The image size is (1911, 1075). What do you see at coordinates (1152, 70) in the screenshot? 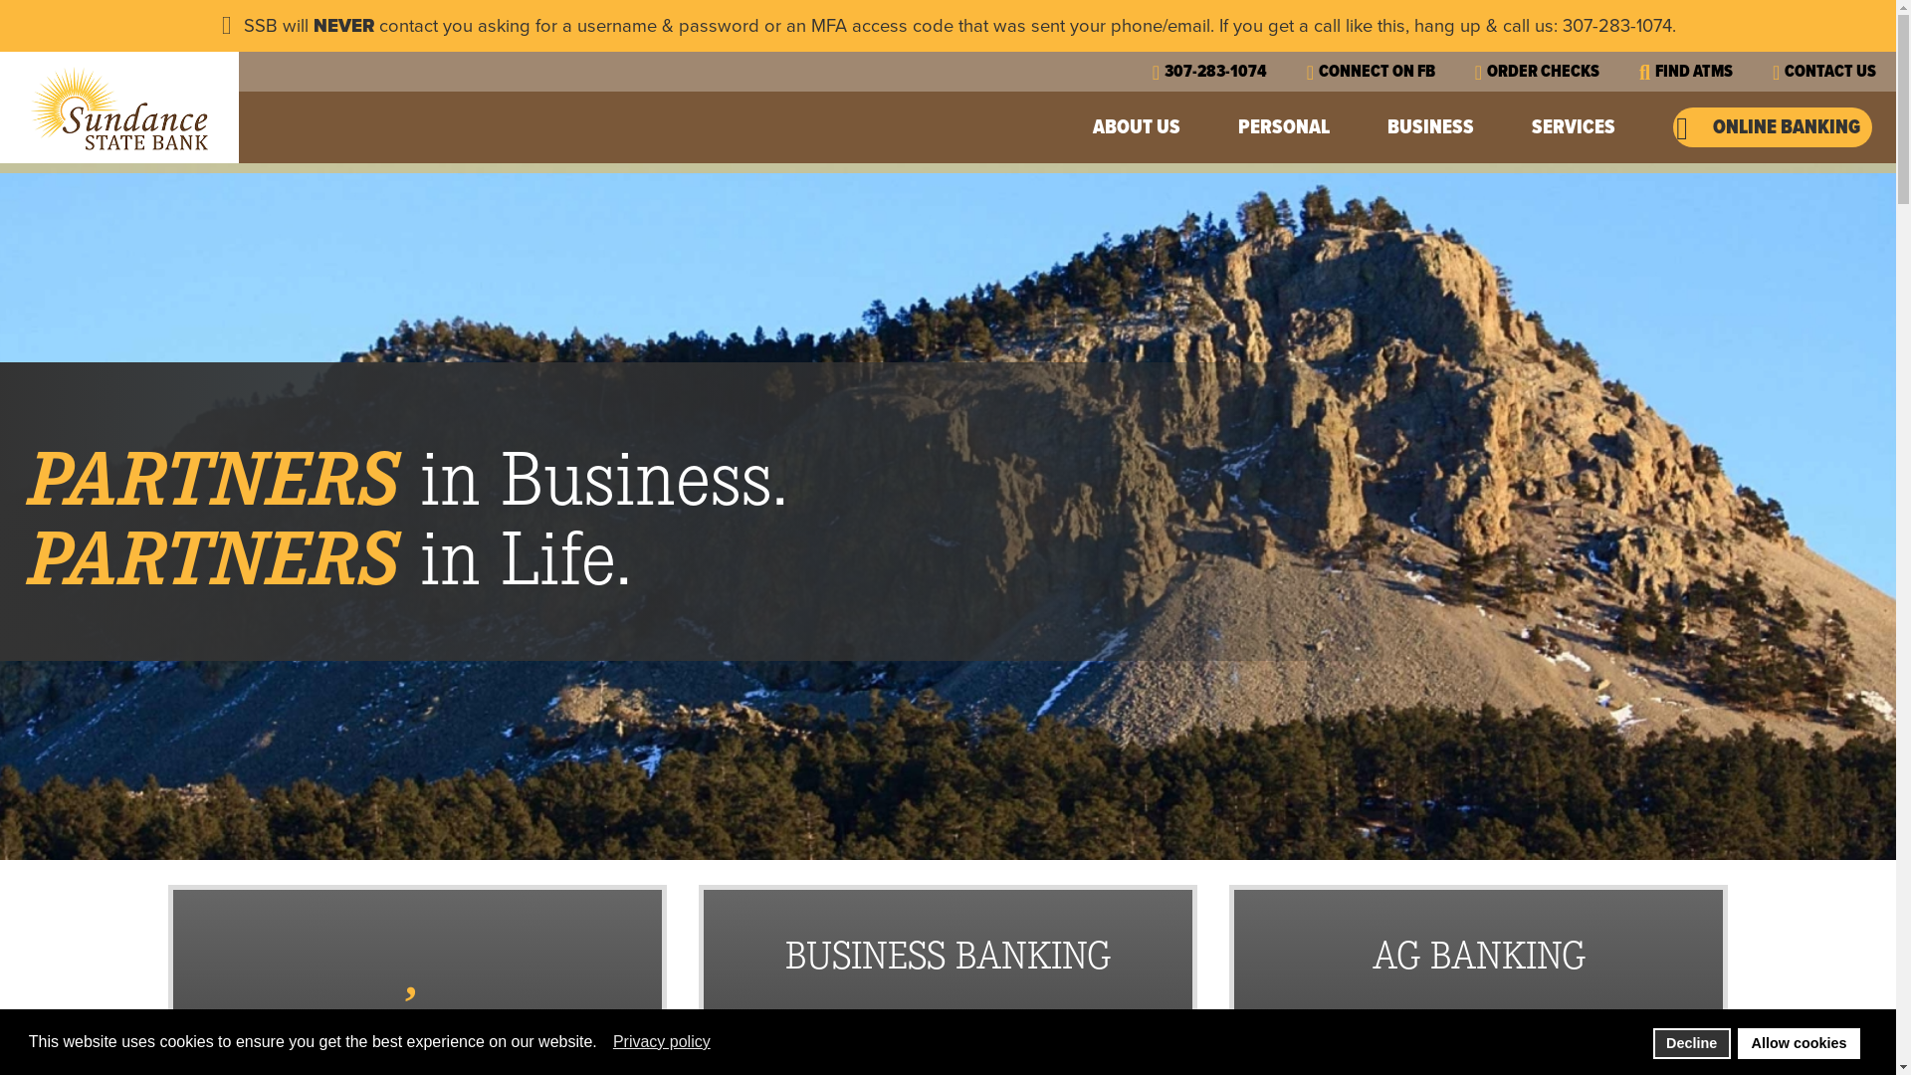
I see `'307-283-1074'` at bounding box center [1152, 70].